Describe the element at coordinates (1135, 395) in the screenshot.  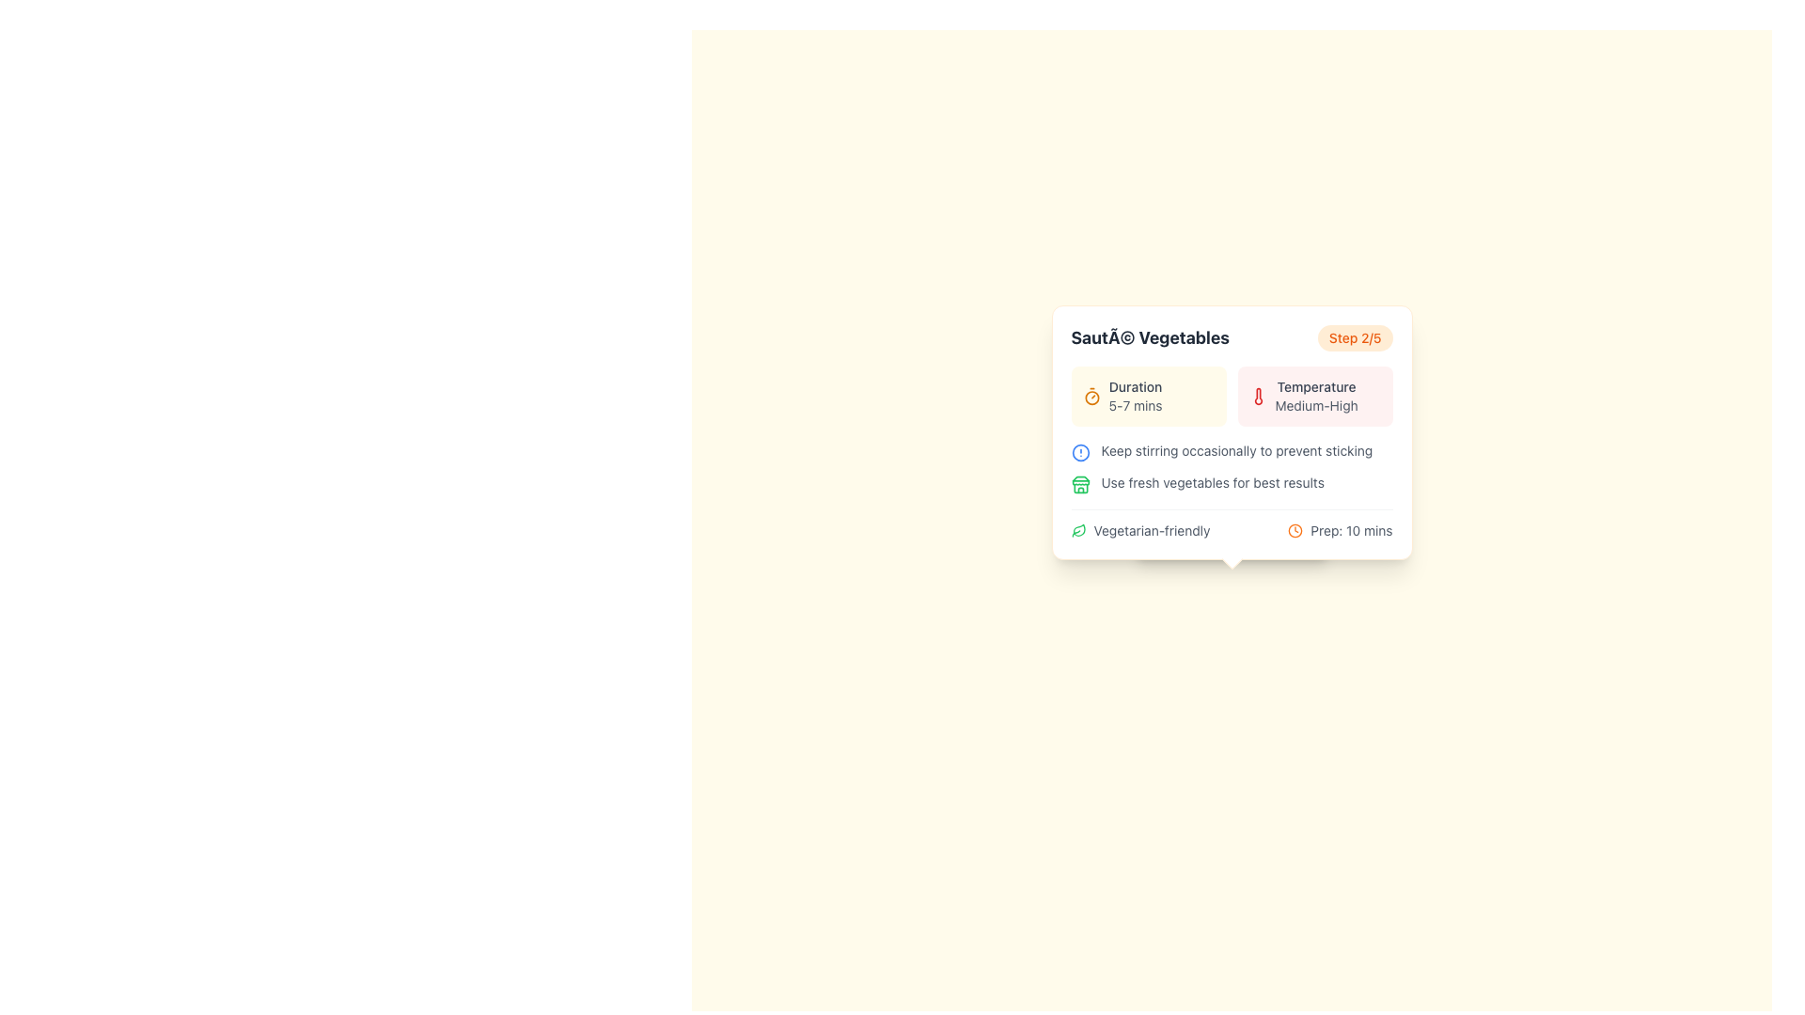
I see `the textual content display element that shows 'Duration' in a medium-weight gray font and '5-7 mins' in a lighter gray shade, located in the first column of the content card titled 'Sauté Vegetables', adjacent to an orange timer icon` at that location.